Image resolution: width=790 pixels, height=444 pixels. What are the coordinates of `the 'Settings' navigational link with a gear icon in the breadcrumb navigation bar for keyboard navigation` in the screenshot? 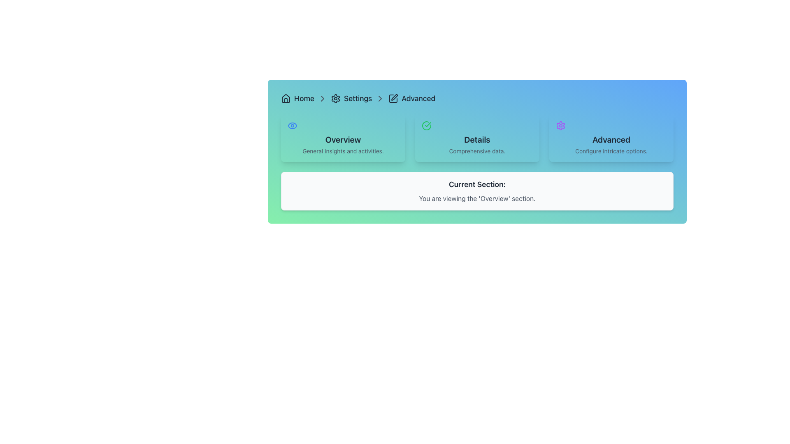 It's located at (351, 98).